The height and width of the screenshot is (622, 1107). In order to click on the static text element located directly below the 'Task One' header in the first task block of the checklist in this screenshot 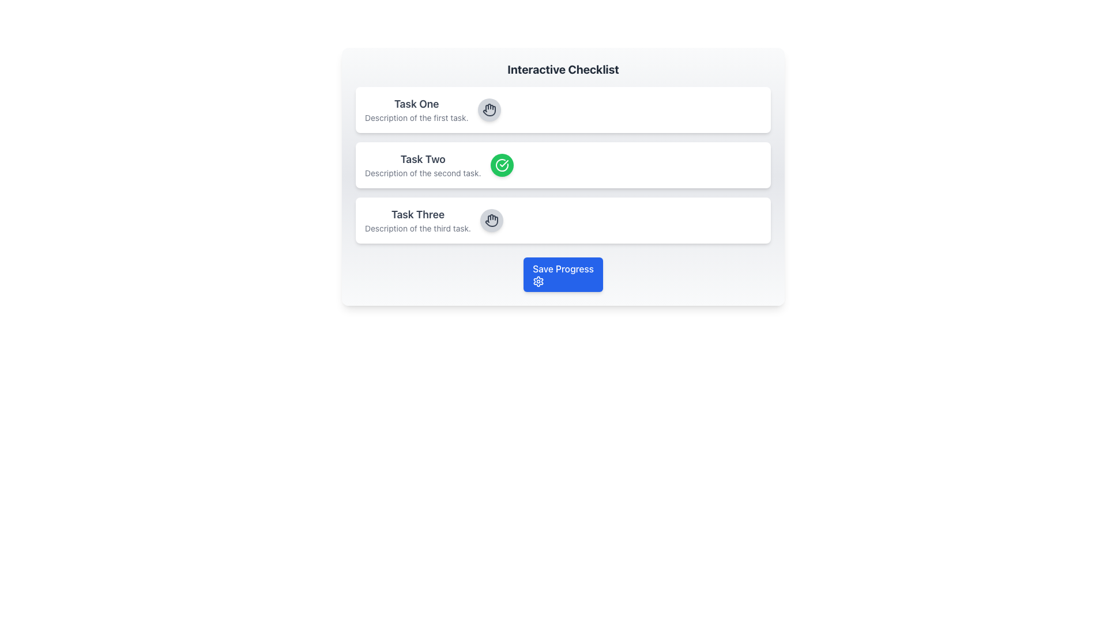, I will do `click(416, 117)`.